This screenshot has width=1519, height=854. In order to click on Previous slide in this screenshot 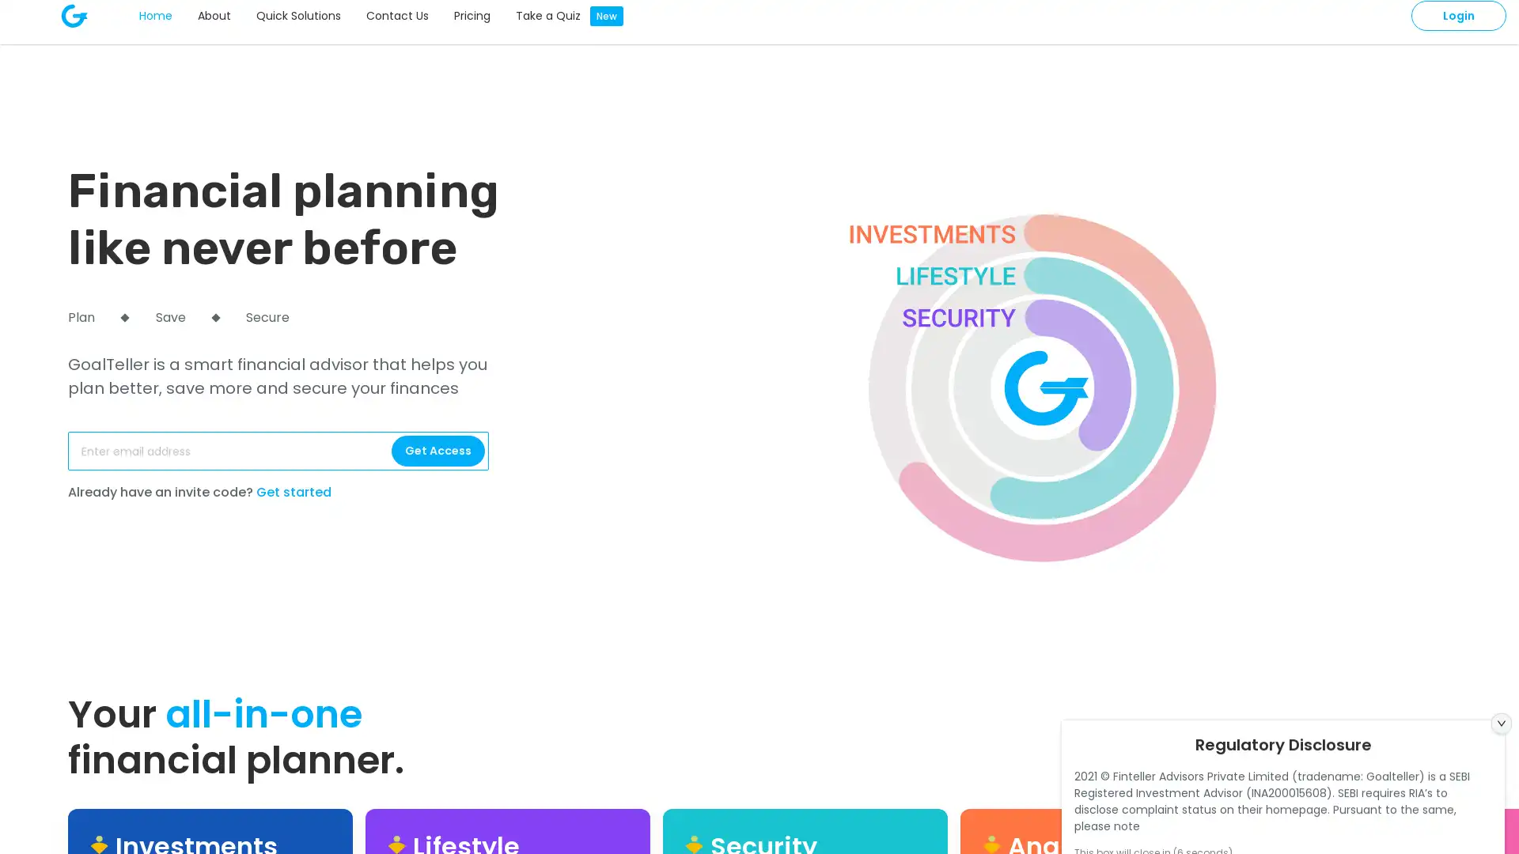, I will do `click(1465, 786)`.